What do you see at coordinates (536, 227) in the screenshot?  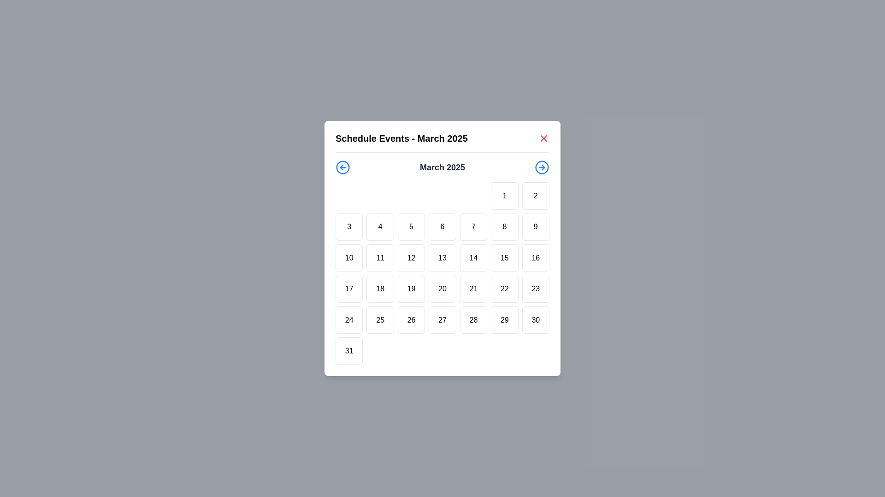 I see `the square button labeled '9' with a white background and rounded borders` at bounding box center [536, 227].